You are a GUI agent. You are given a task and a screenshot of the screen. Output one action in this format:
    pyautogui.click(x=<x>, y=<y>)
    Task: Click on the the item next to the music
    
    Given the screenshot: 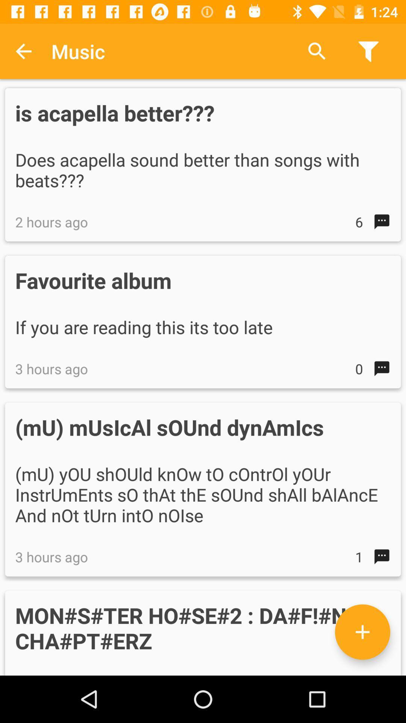 What is the action you would take?
    pyautogui.click(x=317, y=51)
    